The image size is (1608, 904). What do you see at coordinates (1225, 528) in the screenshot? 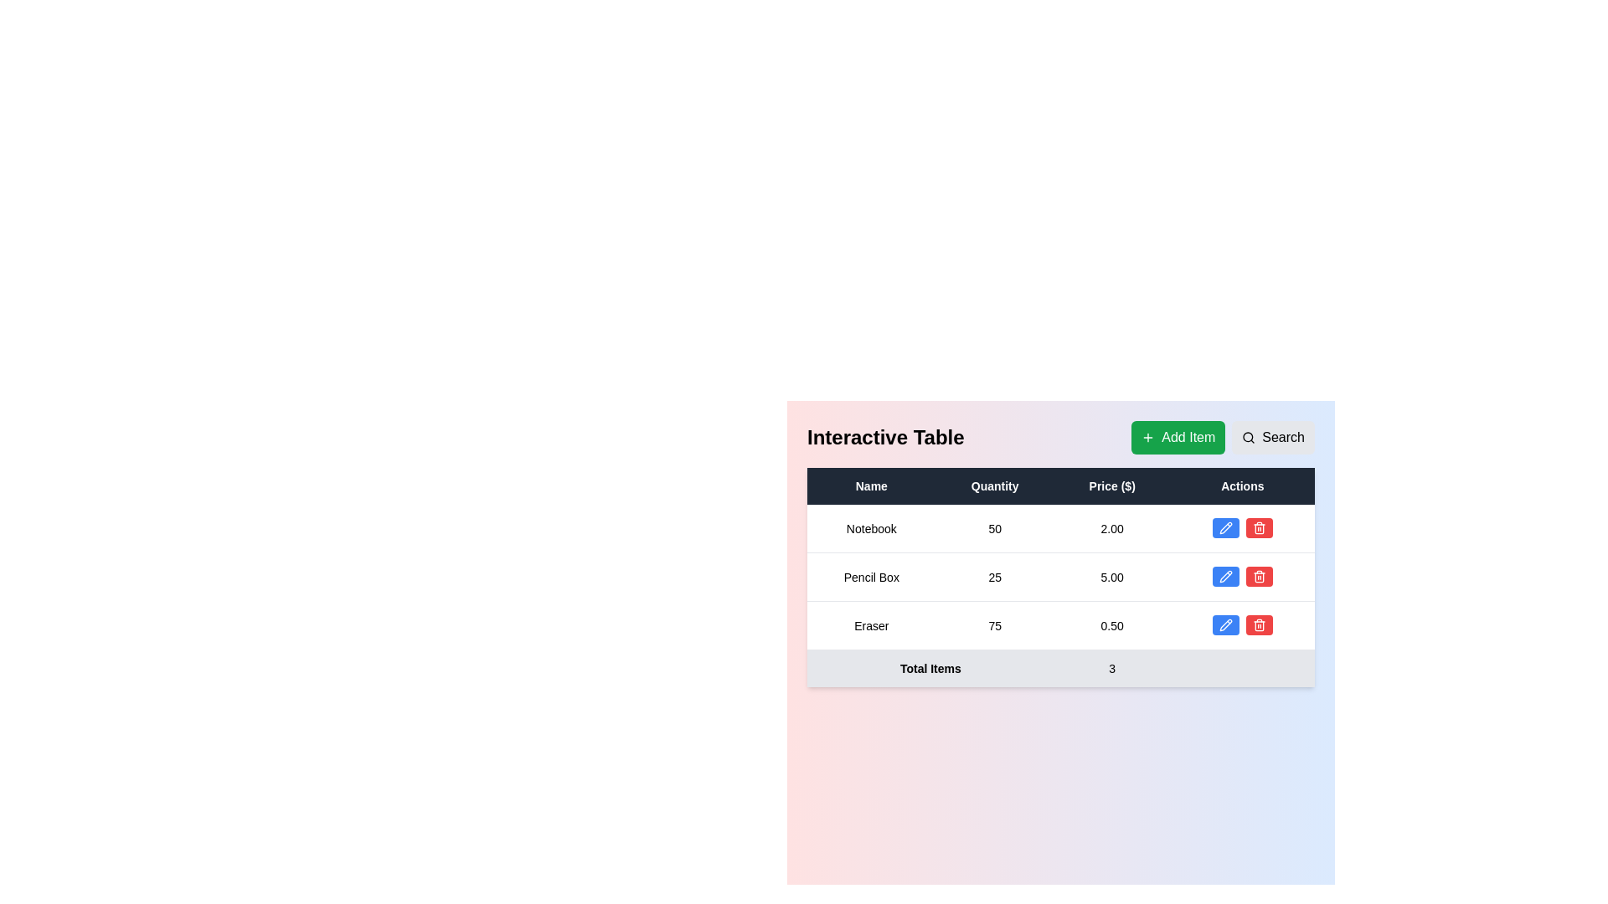
I see `the blue pencil-shaped icon in the second row of the Actions column to initiate editing` at bounding box center [1225, 528].